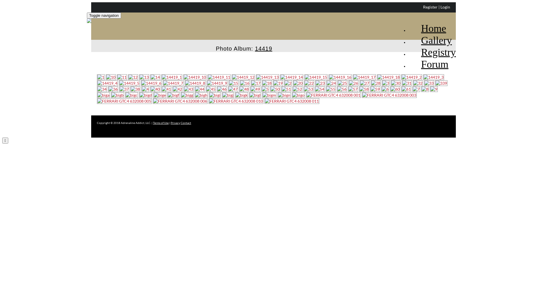  I want to click on 'biga (click to enlarge)', so click(103, 95).